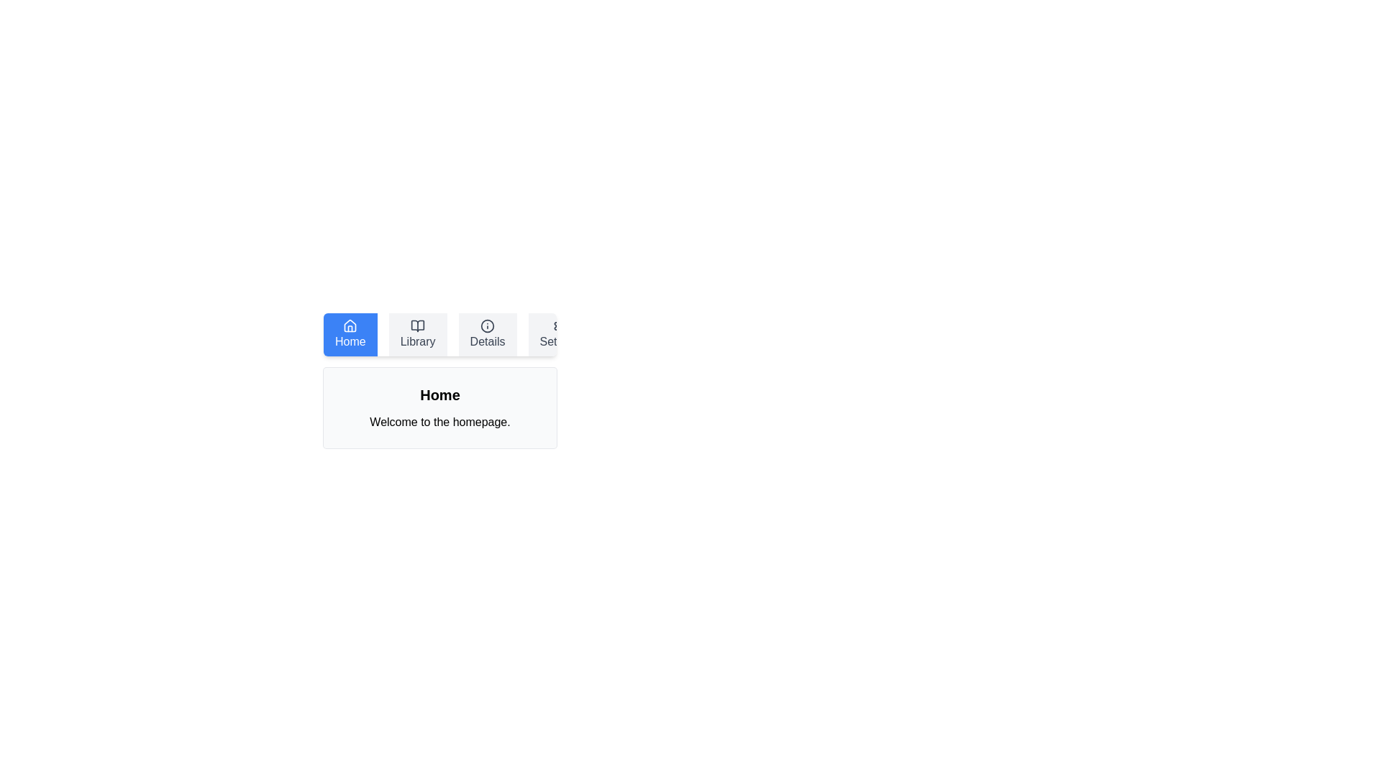 The height and width of the screenshot is (776, 1381). Describe the element at coordinates (560, 335) in the screenshot. I see `the Settings tab to view its content` at that location.